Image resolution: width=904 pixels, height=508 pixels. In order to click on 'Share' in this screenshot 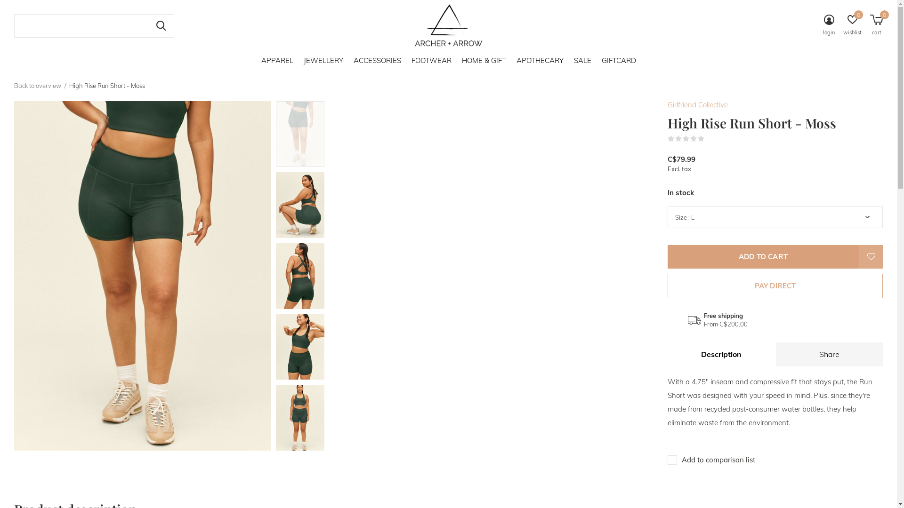, I will do `click(829, 354)`.